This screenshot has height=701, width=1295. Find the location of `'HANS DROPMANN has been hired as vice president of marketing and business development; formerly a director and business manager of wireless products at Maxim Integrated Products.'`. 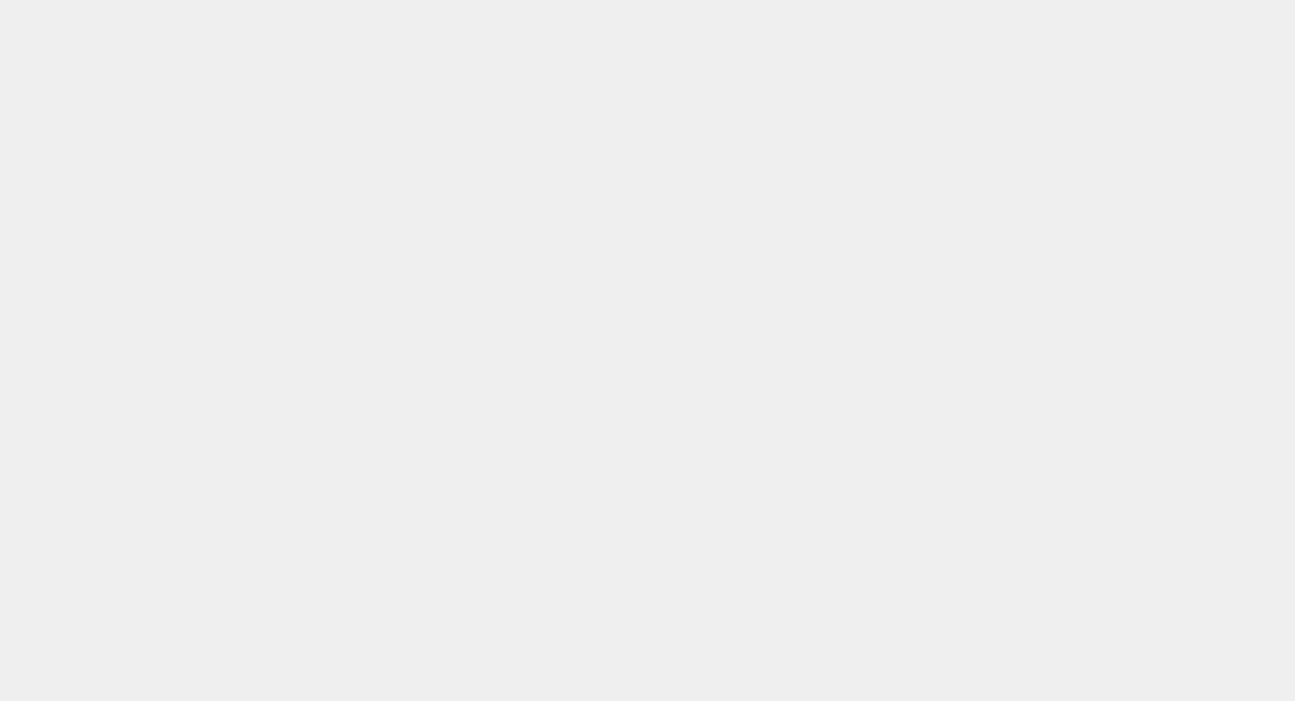

'HANS DROPMANN has been hired as vice president of marketing and business development; formerly a director and business manager of wireless products at Maxim Integrated Products.' is located at coordinates (141, 640).